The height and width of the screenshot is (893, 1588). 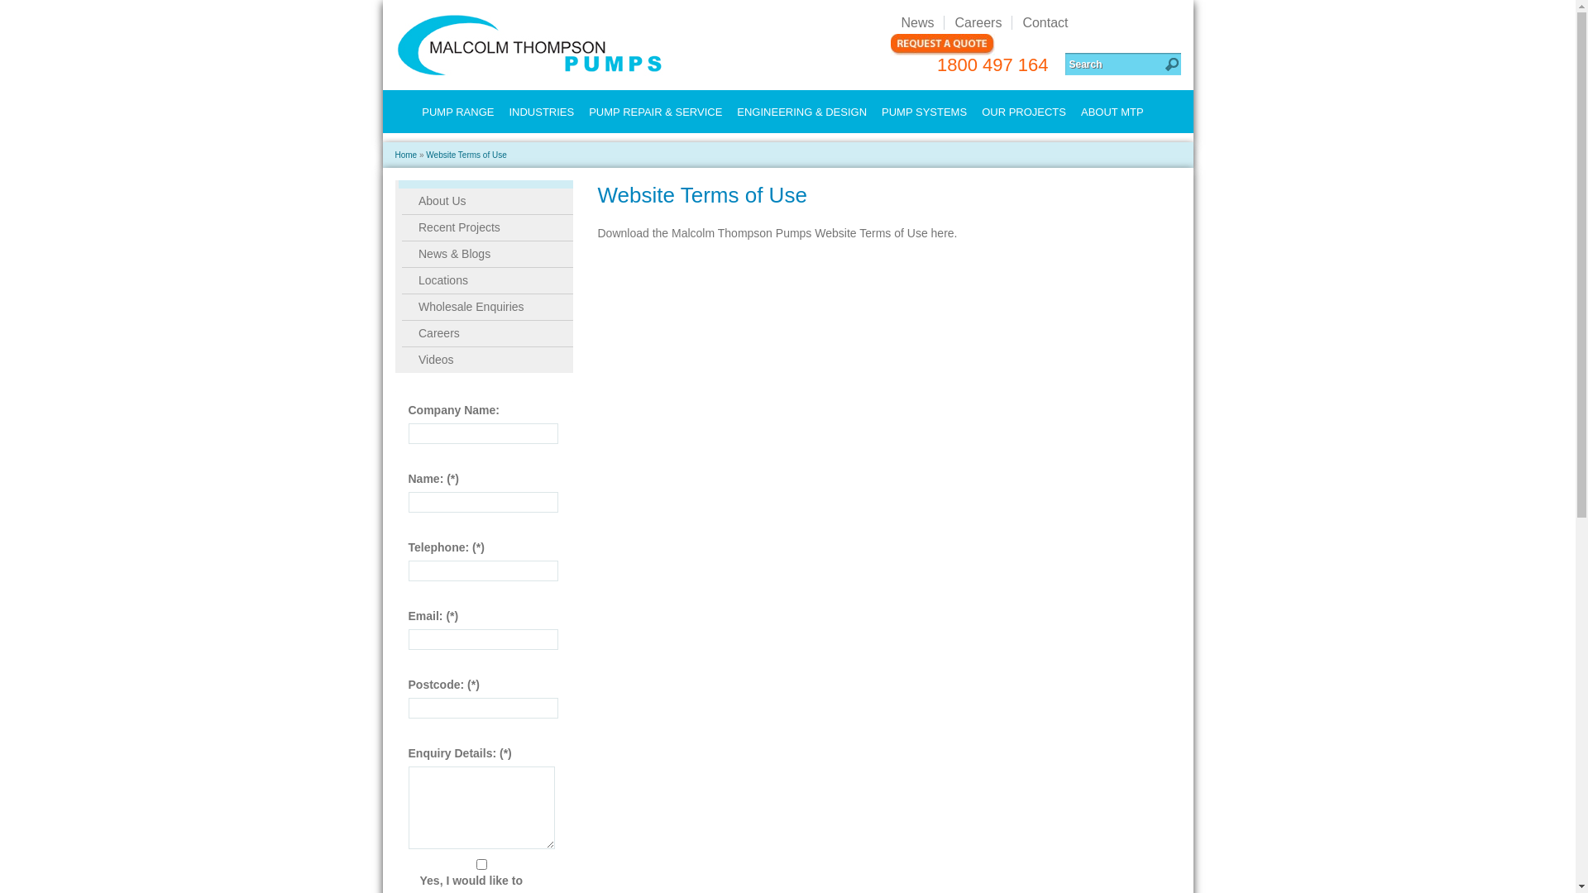 I want to click on 'Home', so click(x=406, y=155).